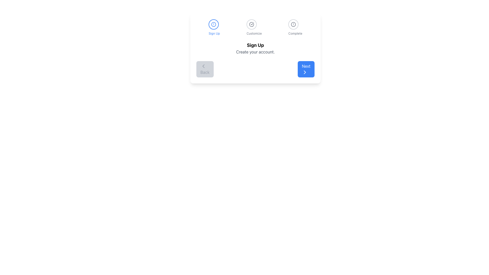 This screenshot has height=275, width=489. What do you see at coordinates (252, 24) in the screenshot?
I see `the Step Indicator Icon, which is a circular icon with a checkmark inside, styled with a light gray border and white background, located under the label 'Customize'` at bounding box center [252, 24].